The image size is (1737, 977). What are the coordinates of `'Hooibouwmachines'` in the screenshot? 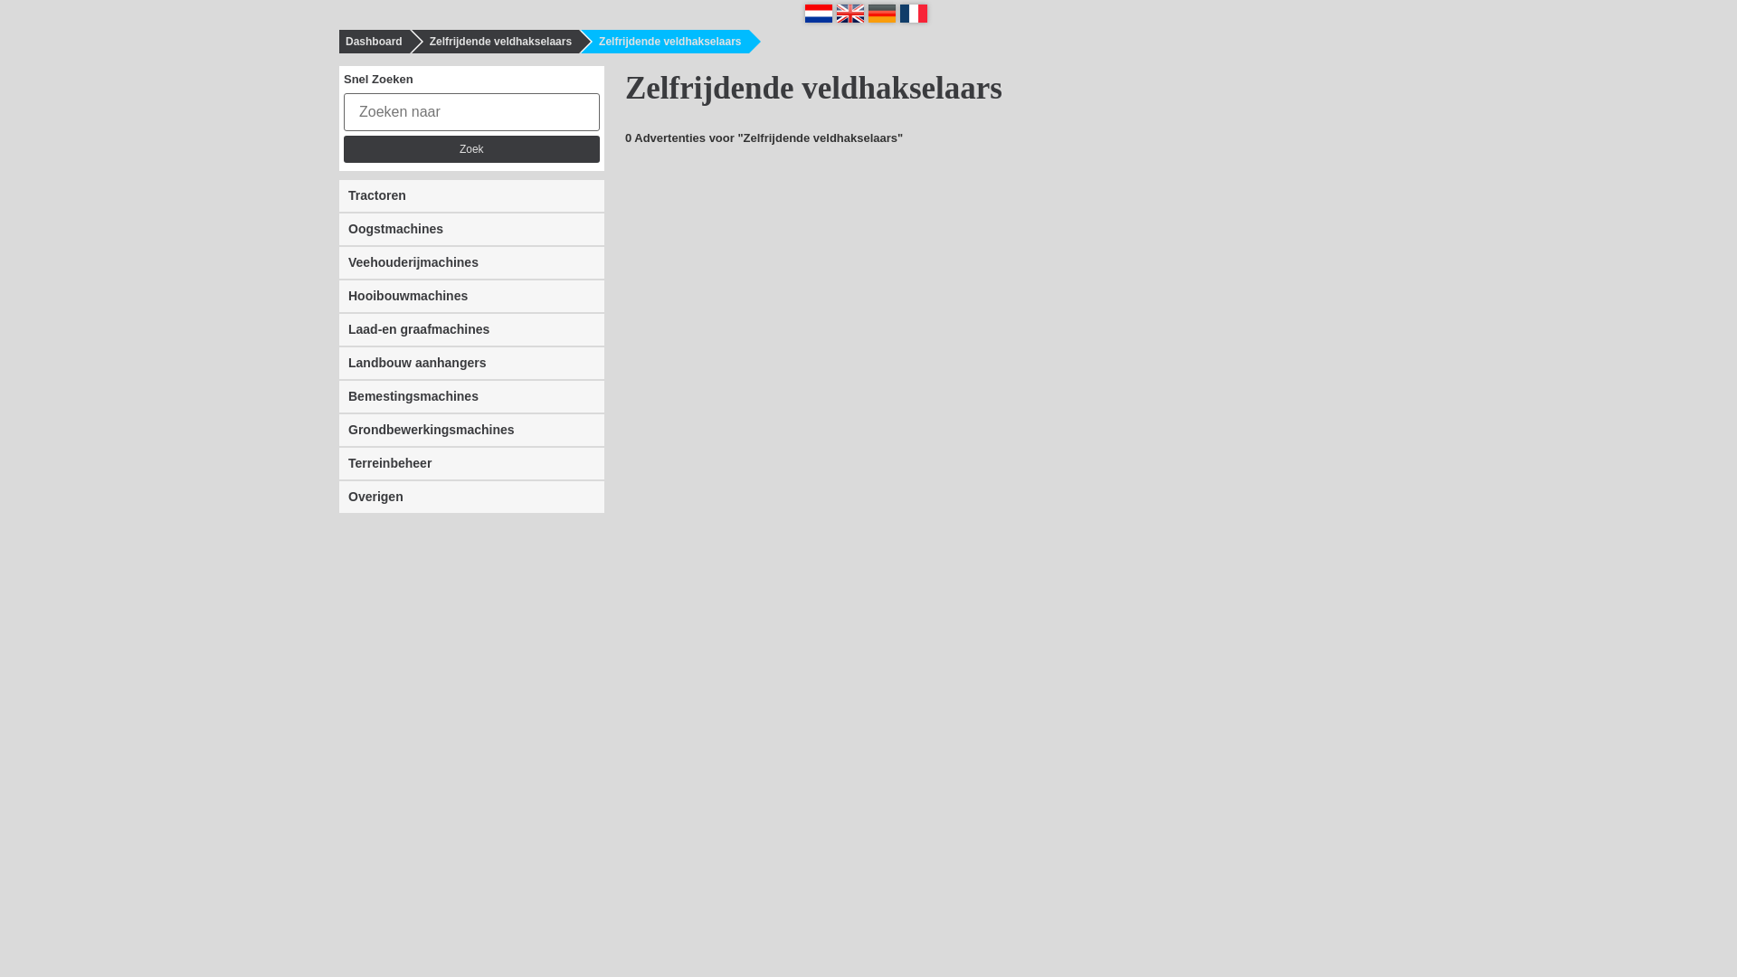 It's located at (471, 295).